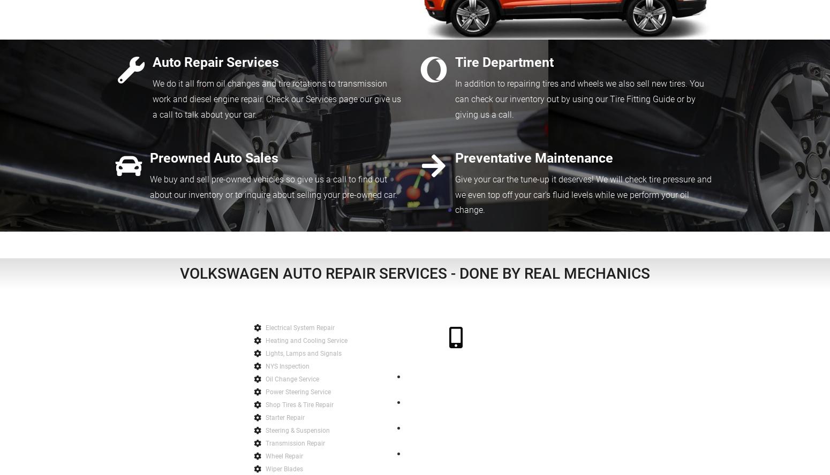 The image size is (830, 475). I want to click on '(845) 878-1000', so click(455, 357).